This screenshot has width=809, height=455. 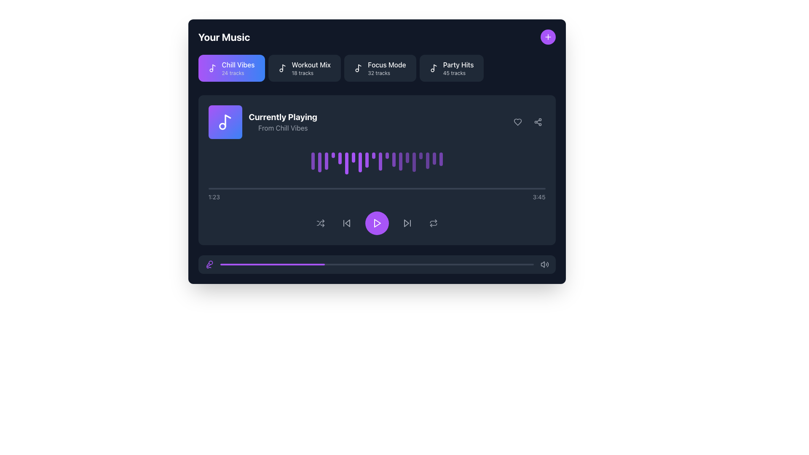 I want to click on the seventh vertical purple bar of the music visualizer, which is styled with a pulse animation and located between the 'Currently Playing' title and the playback controls, so click(x=353, y=158).